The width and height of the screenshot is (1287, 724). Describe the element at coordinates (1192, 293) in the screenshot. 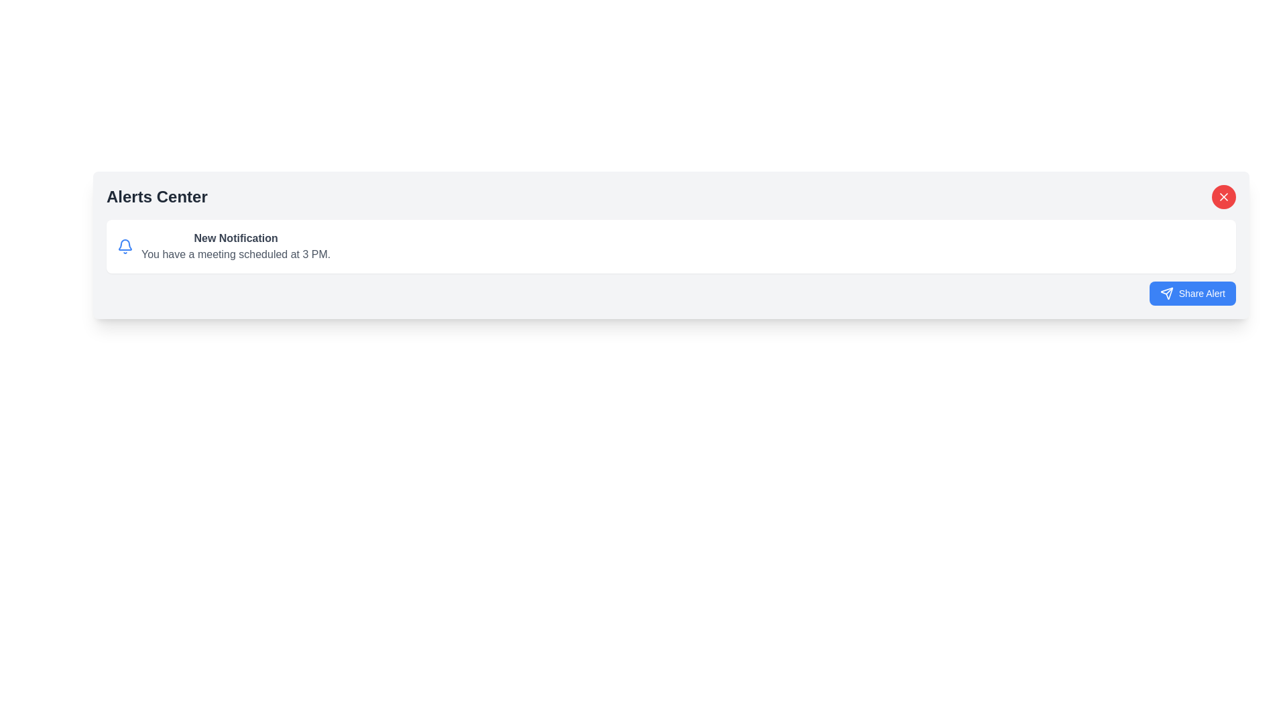

I see `the share button located in the bottom-right corner of the alert` at that location.